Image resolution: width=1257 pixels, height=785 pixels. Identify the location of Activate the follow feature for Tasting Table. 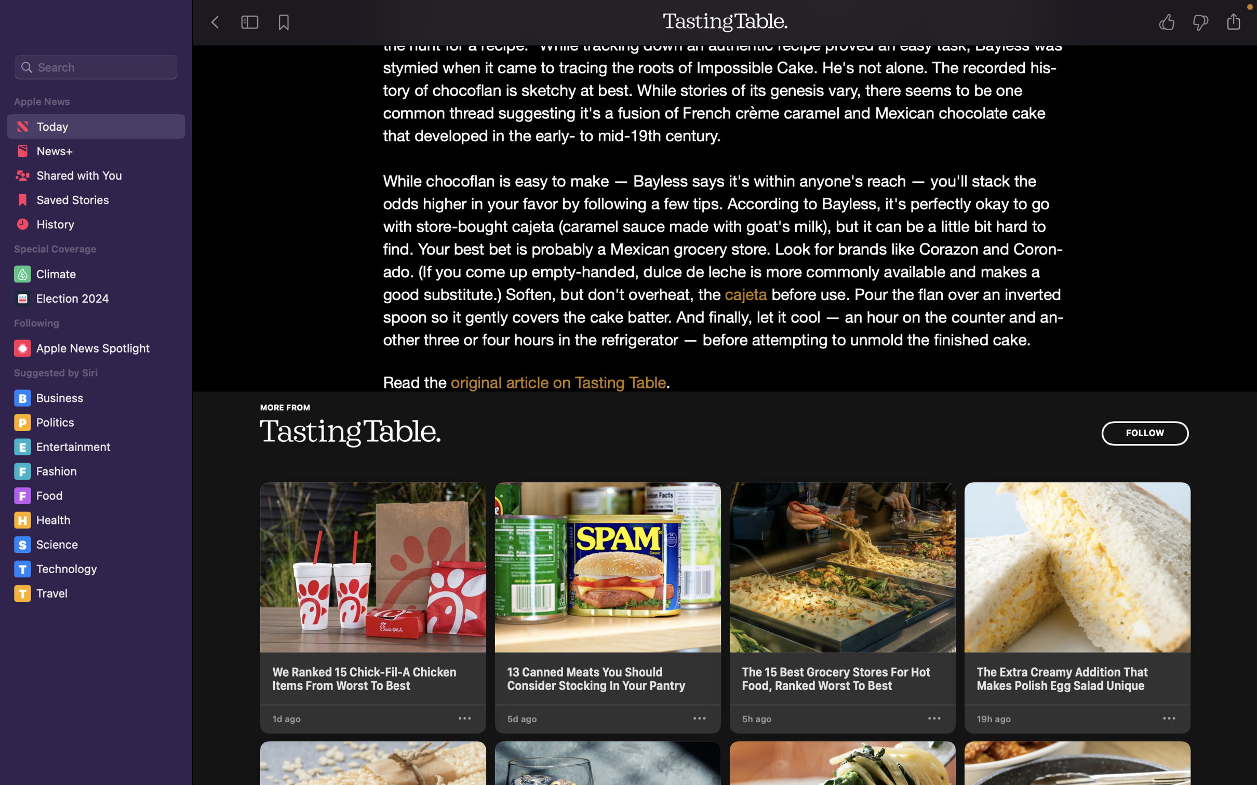
(1144, 433).